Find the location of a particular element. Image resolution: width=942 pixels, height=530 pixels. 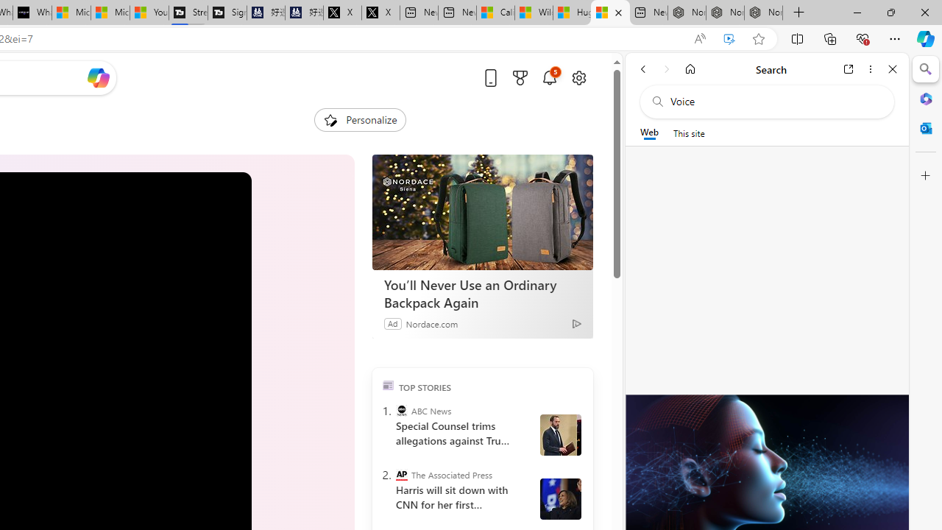

'What' is located at coordinates (32, 13).